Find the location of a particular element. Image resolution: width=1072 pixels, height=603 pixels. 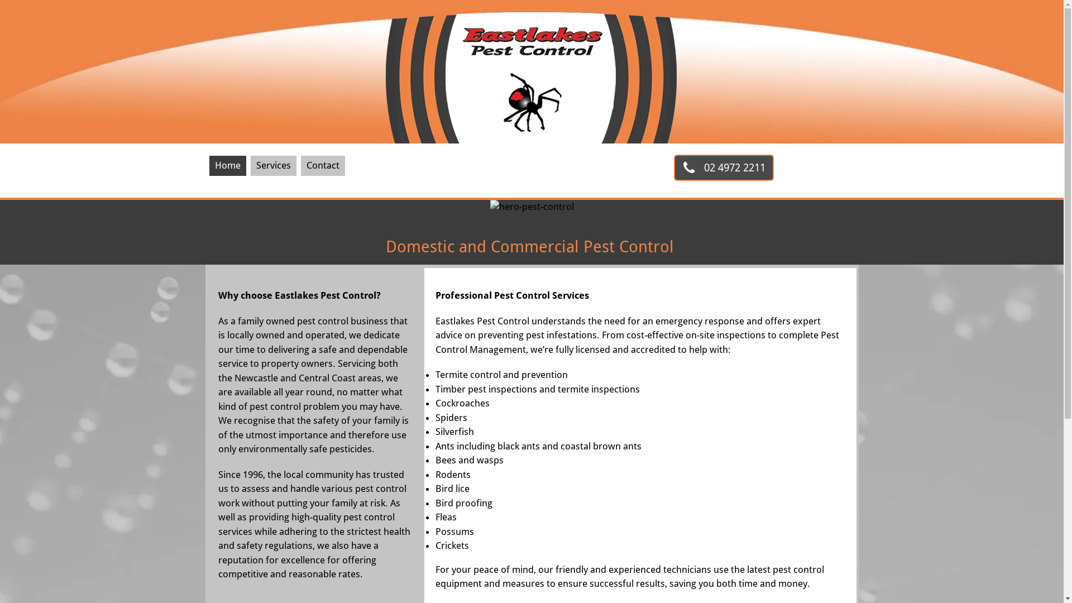

'Contact' is located at coordinates (322, 166).